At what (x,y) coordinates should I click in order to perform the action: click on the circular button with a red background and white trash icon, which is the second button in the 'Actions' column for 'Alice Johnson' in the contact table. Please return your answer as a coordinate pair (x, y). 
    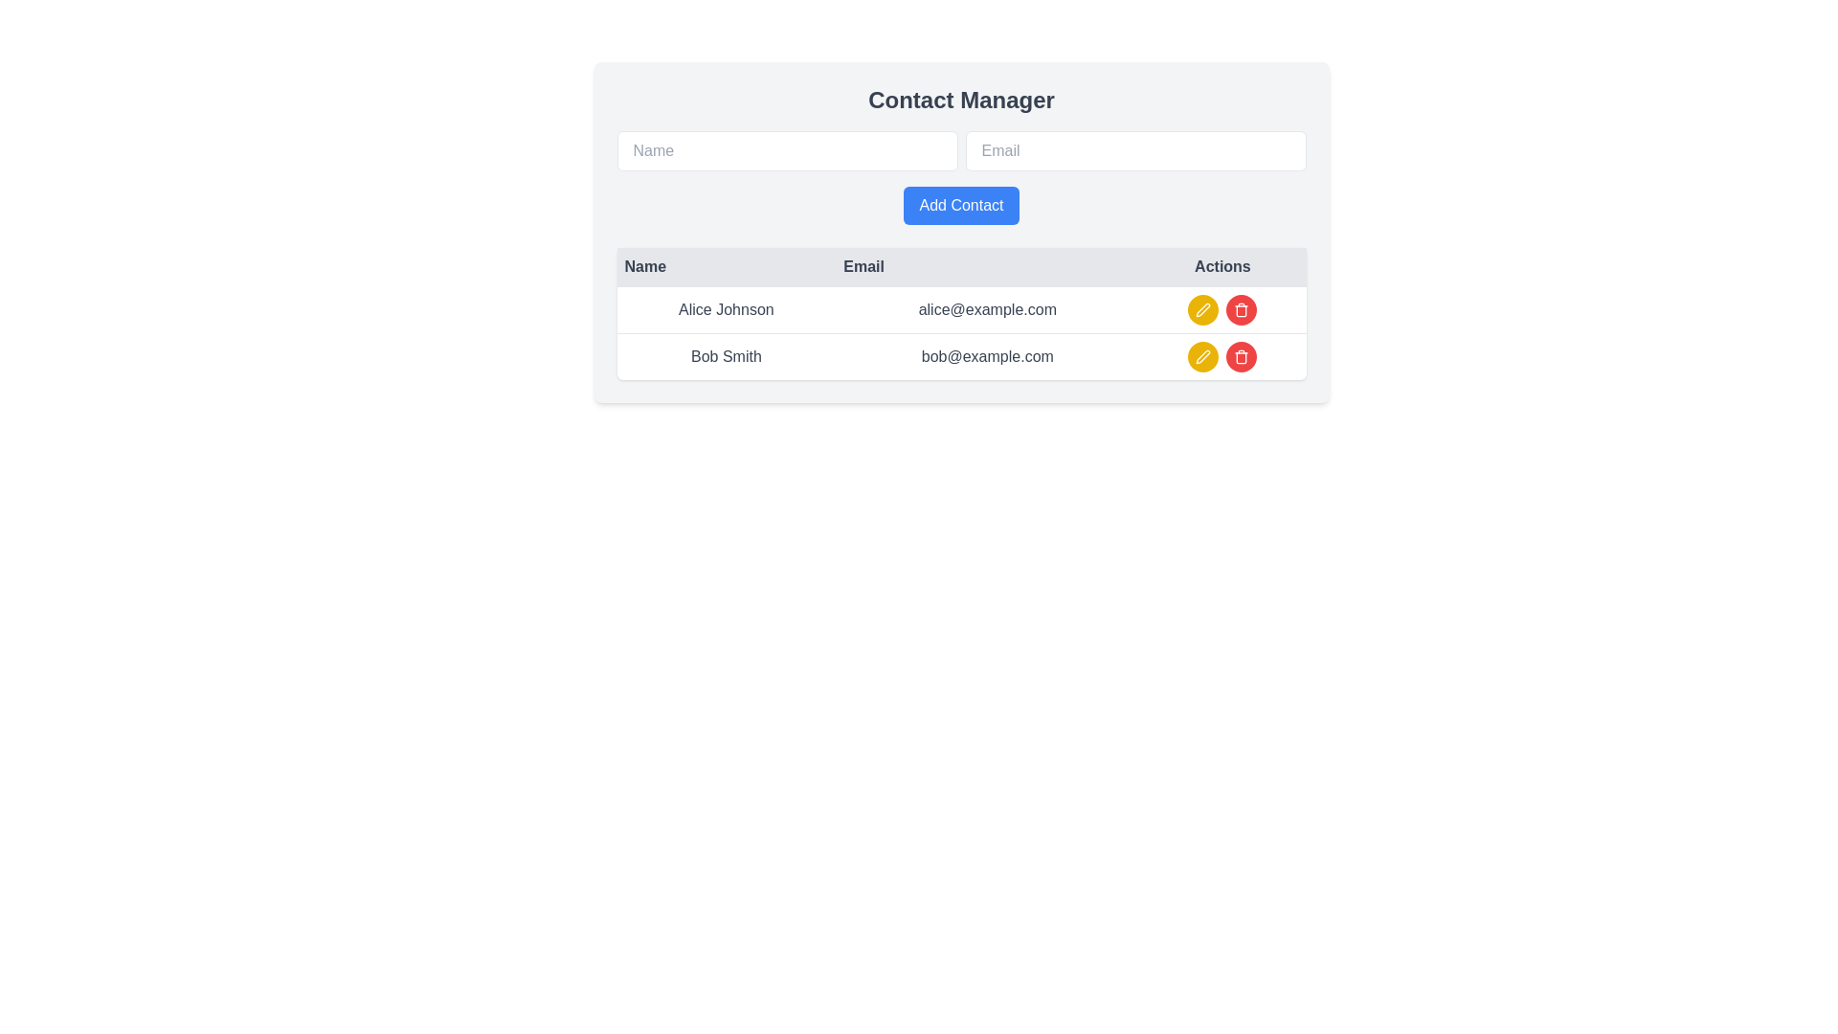
    Looking at the image, I should click on (1242, 309).